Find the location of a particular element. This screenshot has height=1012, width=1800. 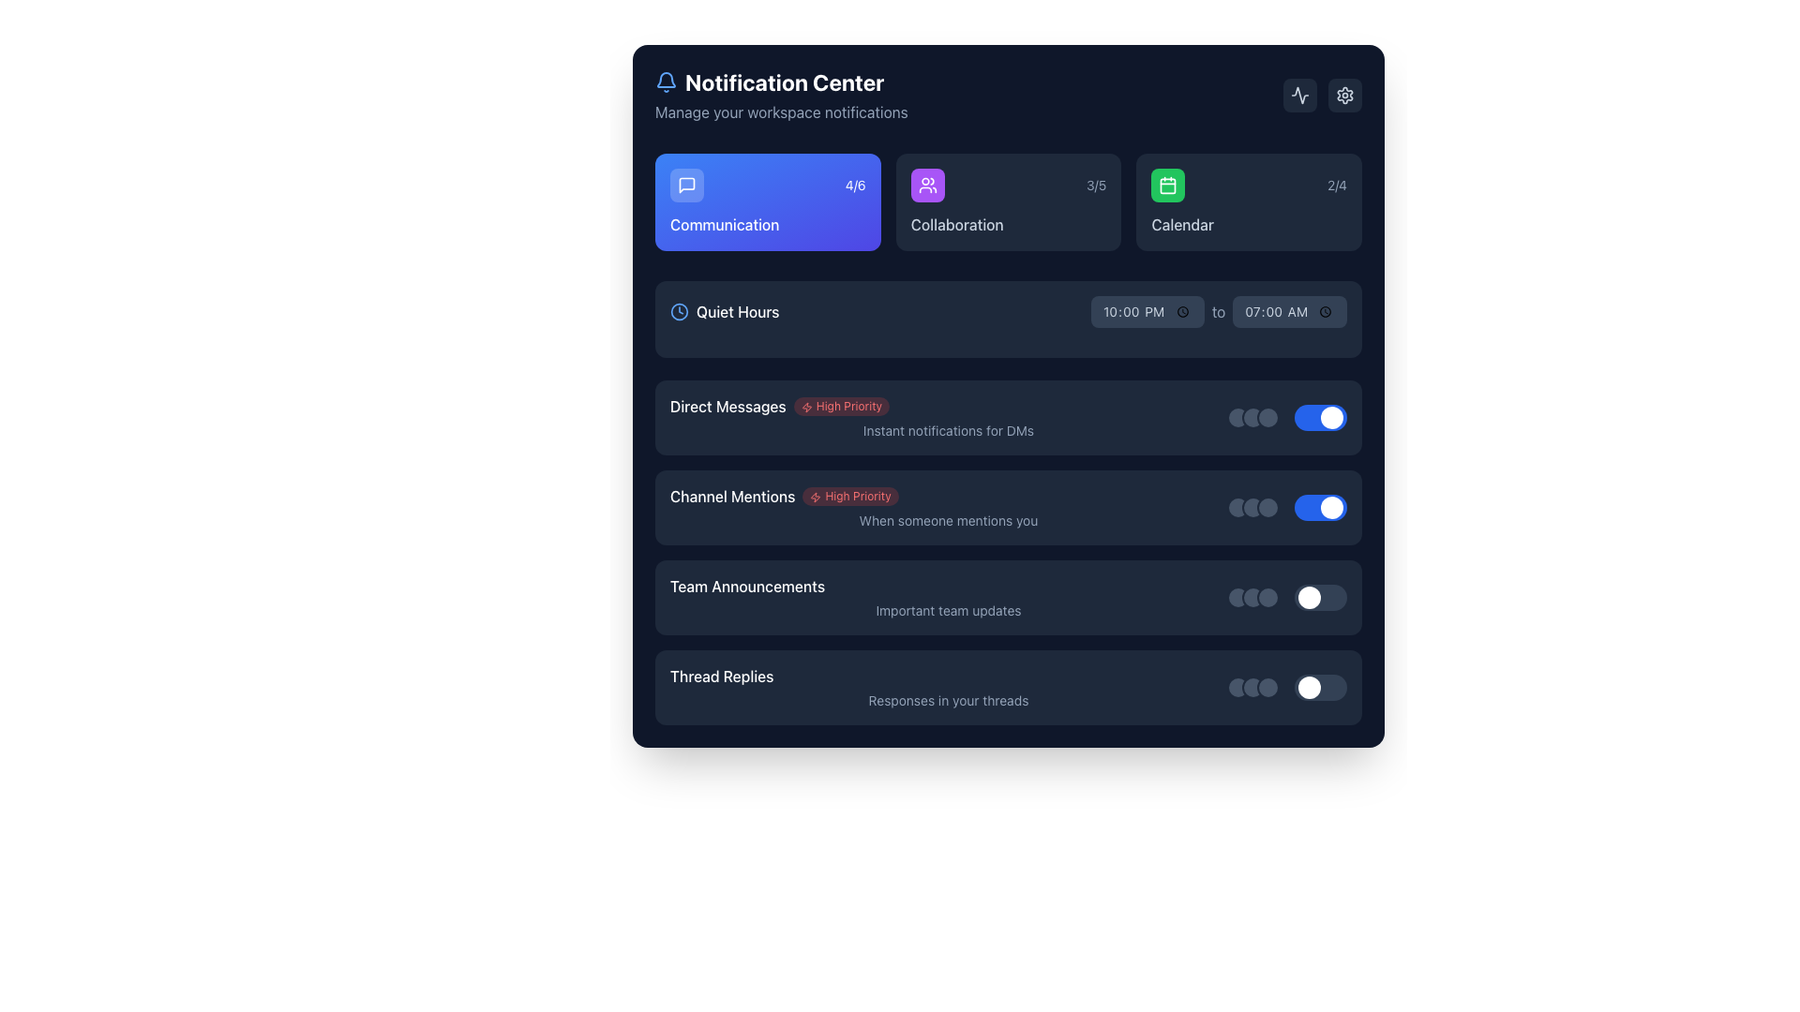

the 'Direct Messages' text display element, which includes the title 'Direct Messages' and a 'High Priority' label is located at coordinates (949, 417).